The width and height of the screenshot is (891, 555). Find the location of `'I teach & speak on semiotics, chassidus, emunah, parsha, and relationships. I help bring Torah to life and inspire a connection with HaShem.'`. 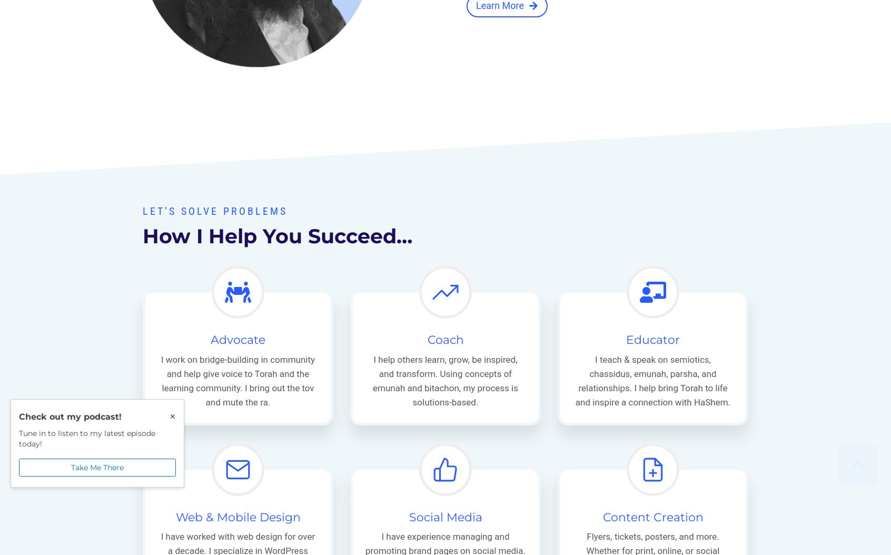

'I teach & speak on semiotics, chassidus, emunah, parsha, and relationships. I help bring Torah to life and inspire a connection with HaShem.' is located at coordinates (652, 380).